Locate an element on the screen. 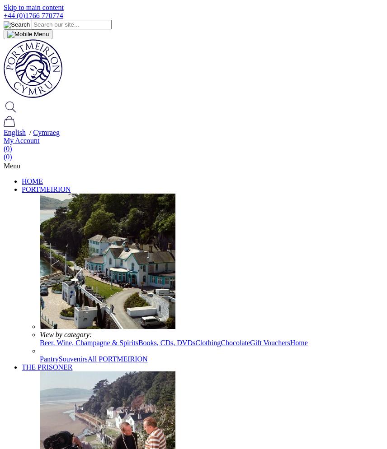 Image resolution: width=387 pixels, height=449 pixels. 'Cymraeg' is located at coordinates (46, 132).